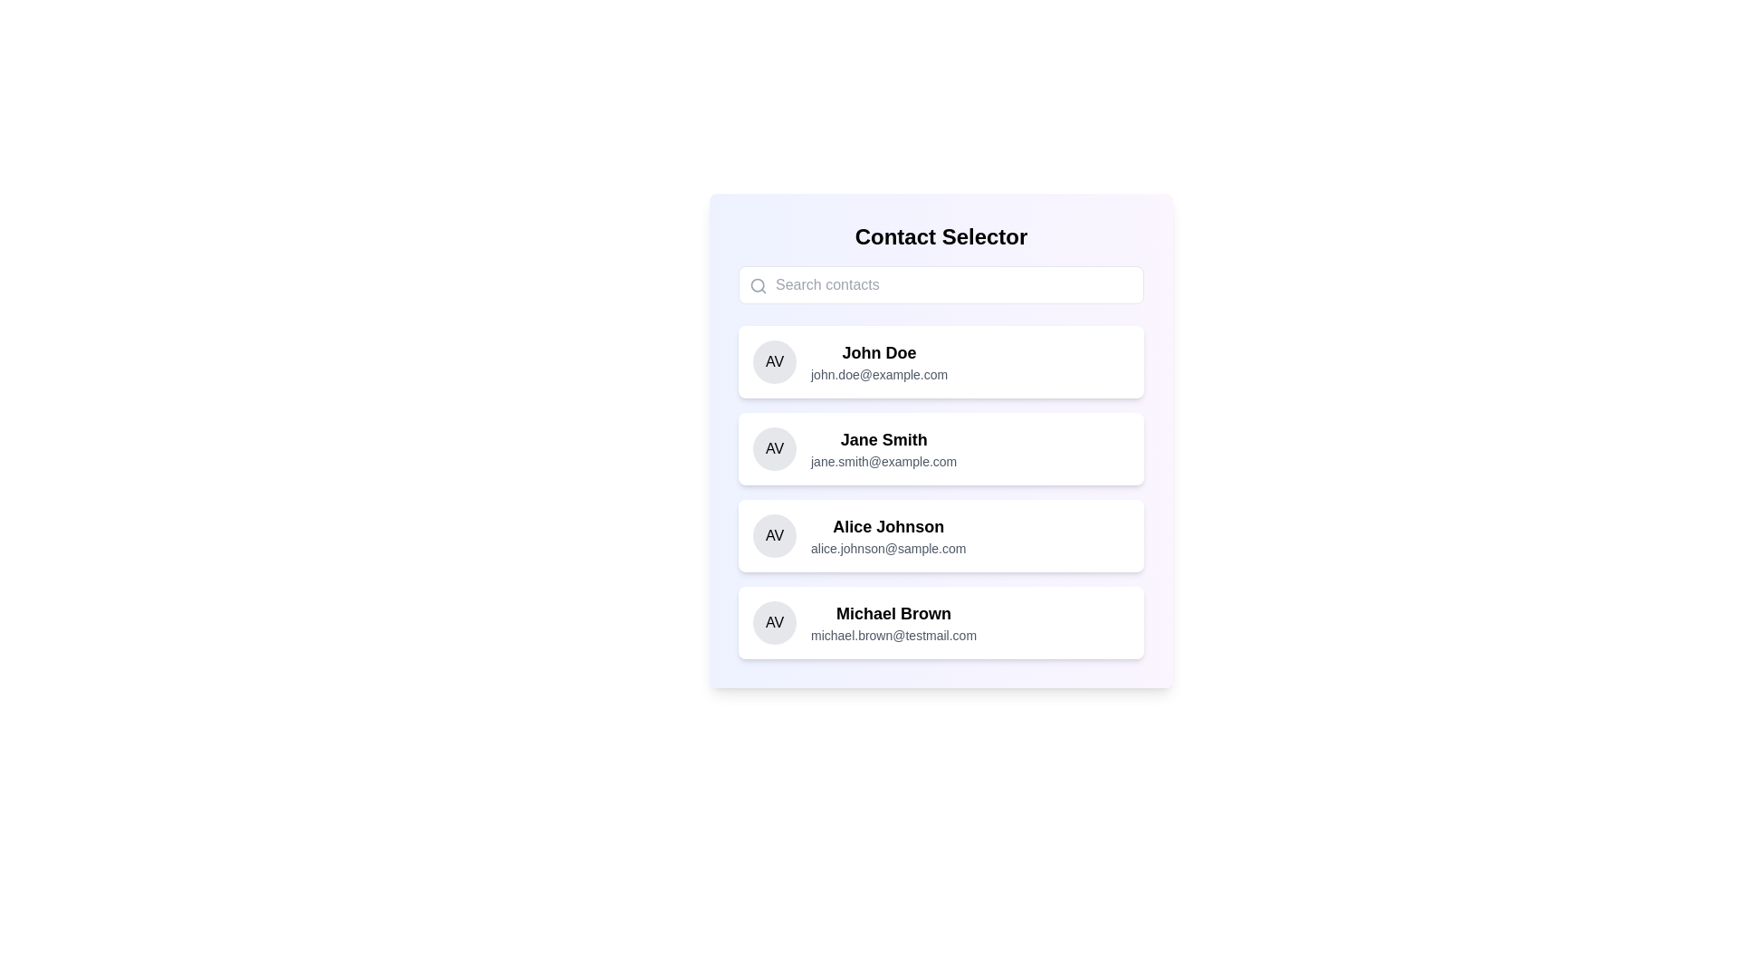 Image resolution: width=1738 pixels, height=978 pixels. Describe the element at coordinates (883, 448) in the screenshot. I see `text content displayed in the label that shows the name and email address of a contact, which is located in the second list item of the contact selection list, to the right of the circular avatar labeled 'AV'` at that location.